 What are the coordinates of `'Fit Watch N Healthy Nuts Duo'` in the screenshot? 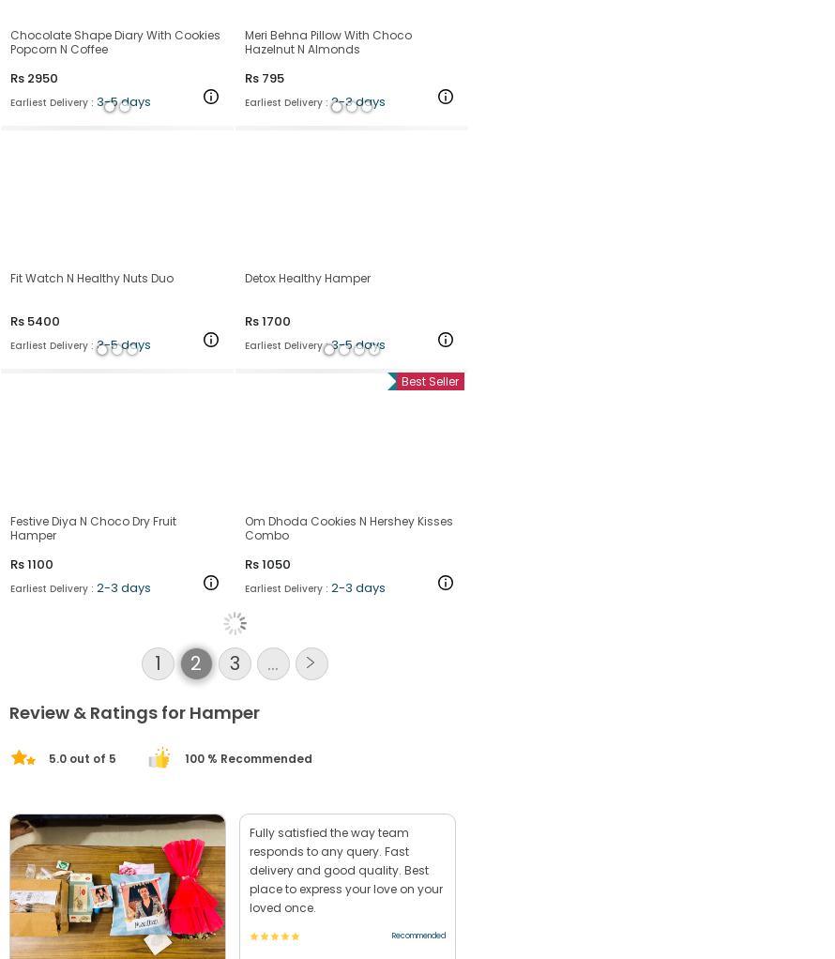 It's located at (90, 368).